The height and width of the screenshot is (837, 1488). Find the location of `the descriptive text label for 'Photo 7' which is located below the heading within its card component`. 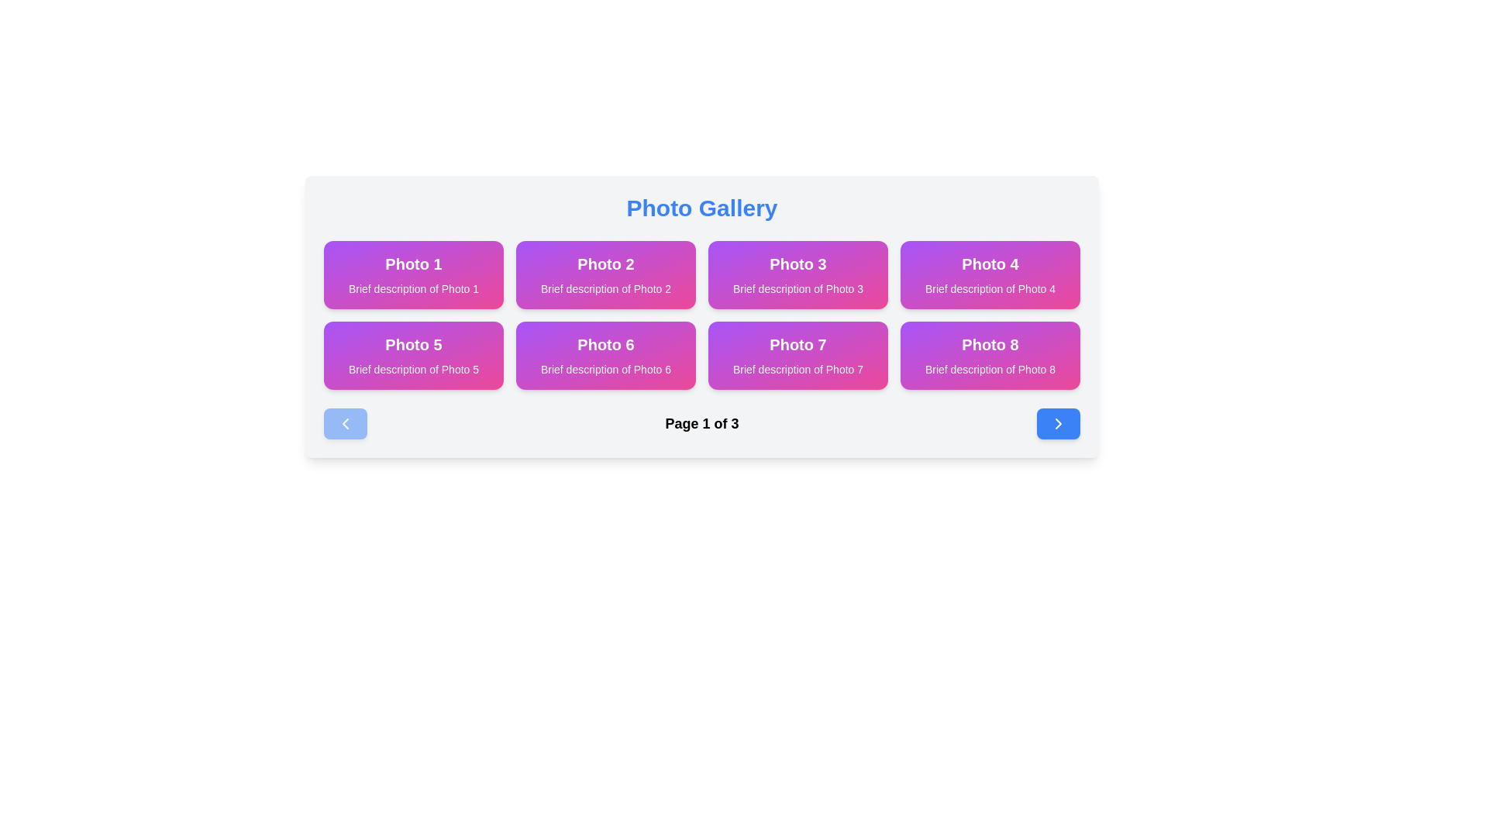

the descriptive text label for 'Photo 7' which is located below the heading within its card component is located at coordinates (798, 370).